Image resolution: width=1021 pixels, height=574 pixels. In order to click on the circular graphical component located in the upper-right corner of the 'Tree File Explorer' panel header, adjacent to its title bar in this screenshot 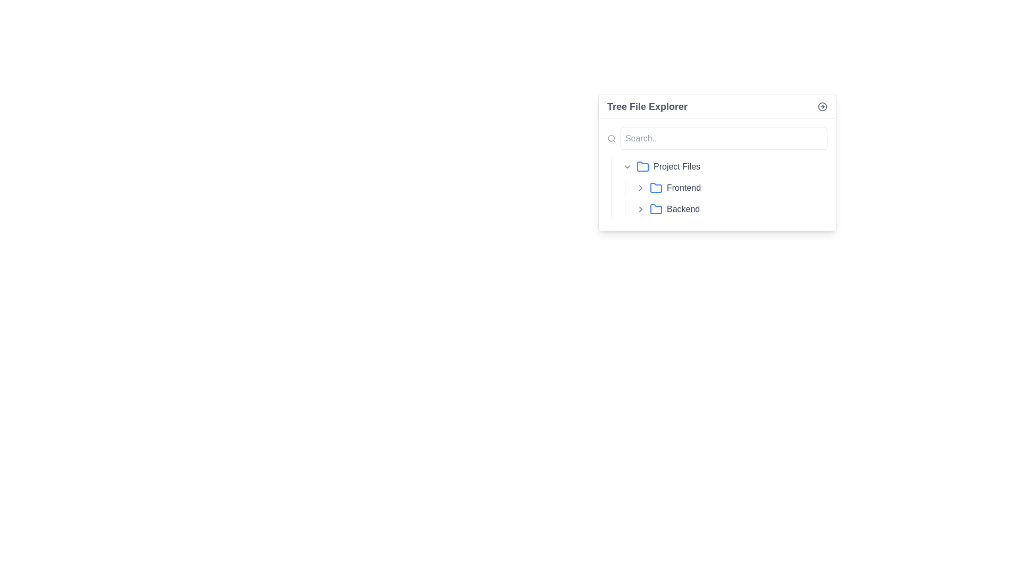, I will do `click(822, 106)`.